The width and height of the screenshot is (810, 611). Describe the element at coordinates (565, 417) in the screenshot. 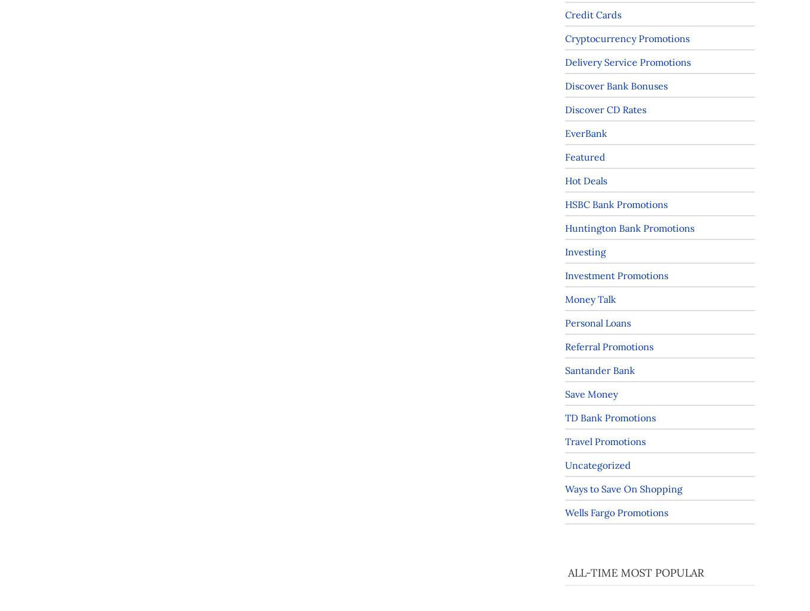

I see `'TD Bank Promotions'` at that location.